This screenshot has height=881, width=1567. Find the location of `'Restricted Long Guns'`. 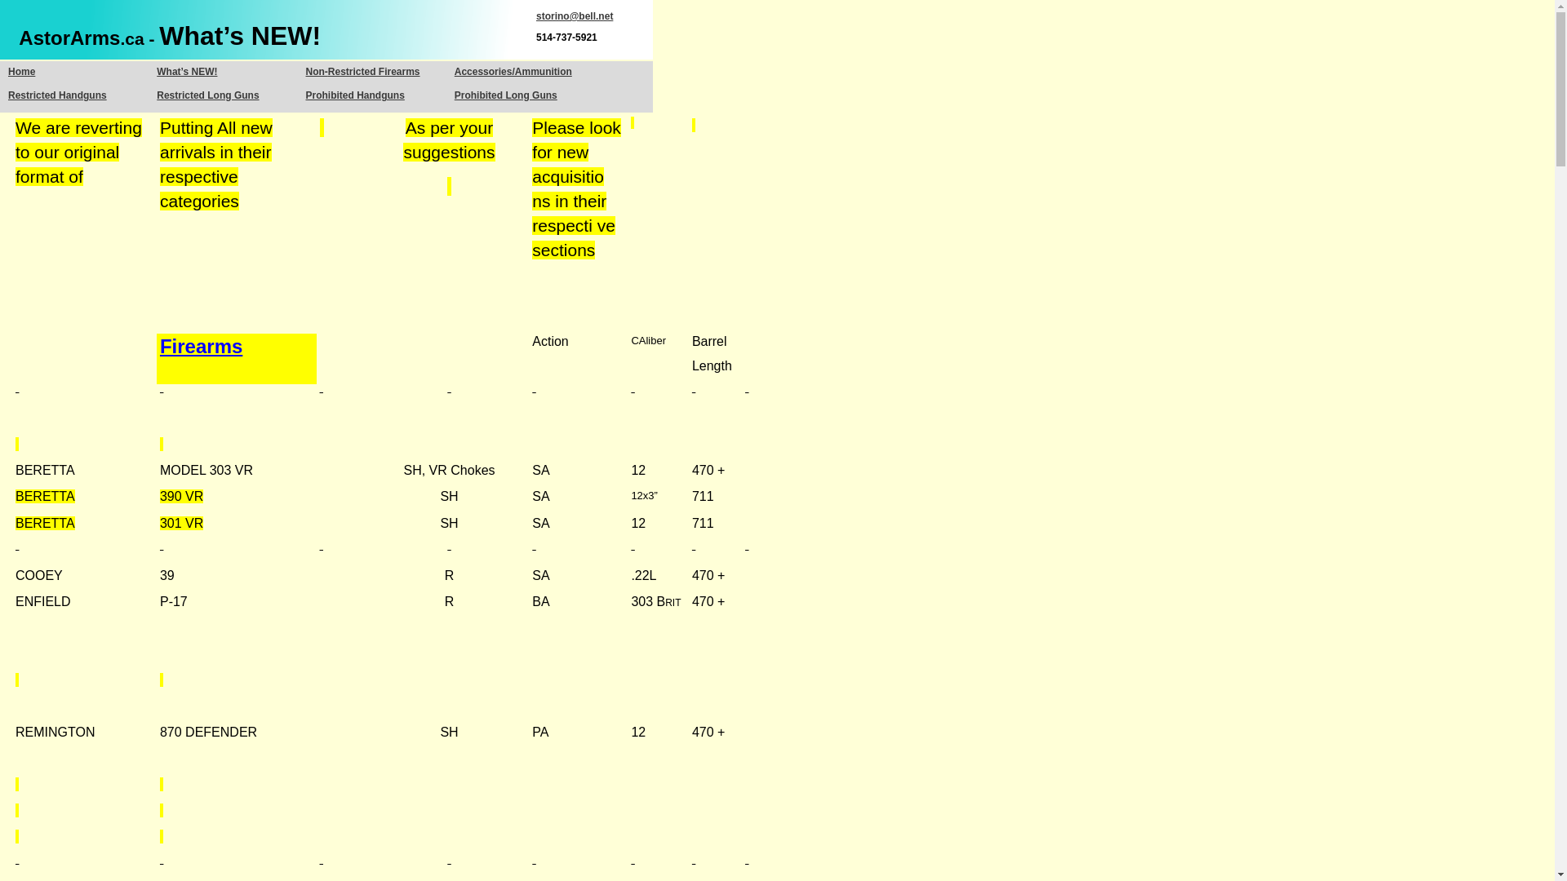

'Restricted Long Guns' is located at coordinates (206, 95).